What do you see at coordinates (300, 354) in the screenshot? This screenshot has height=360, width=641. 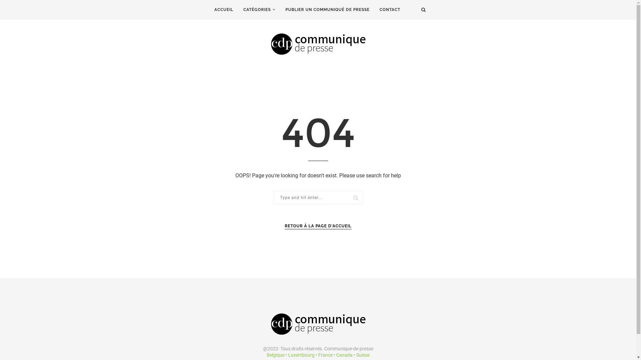 I see `'Luxembourg'` at bounding box center [300, 354].